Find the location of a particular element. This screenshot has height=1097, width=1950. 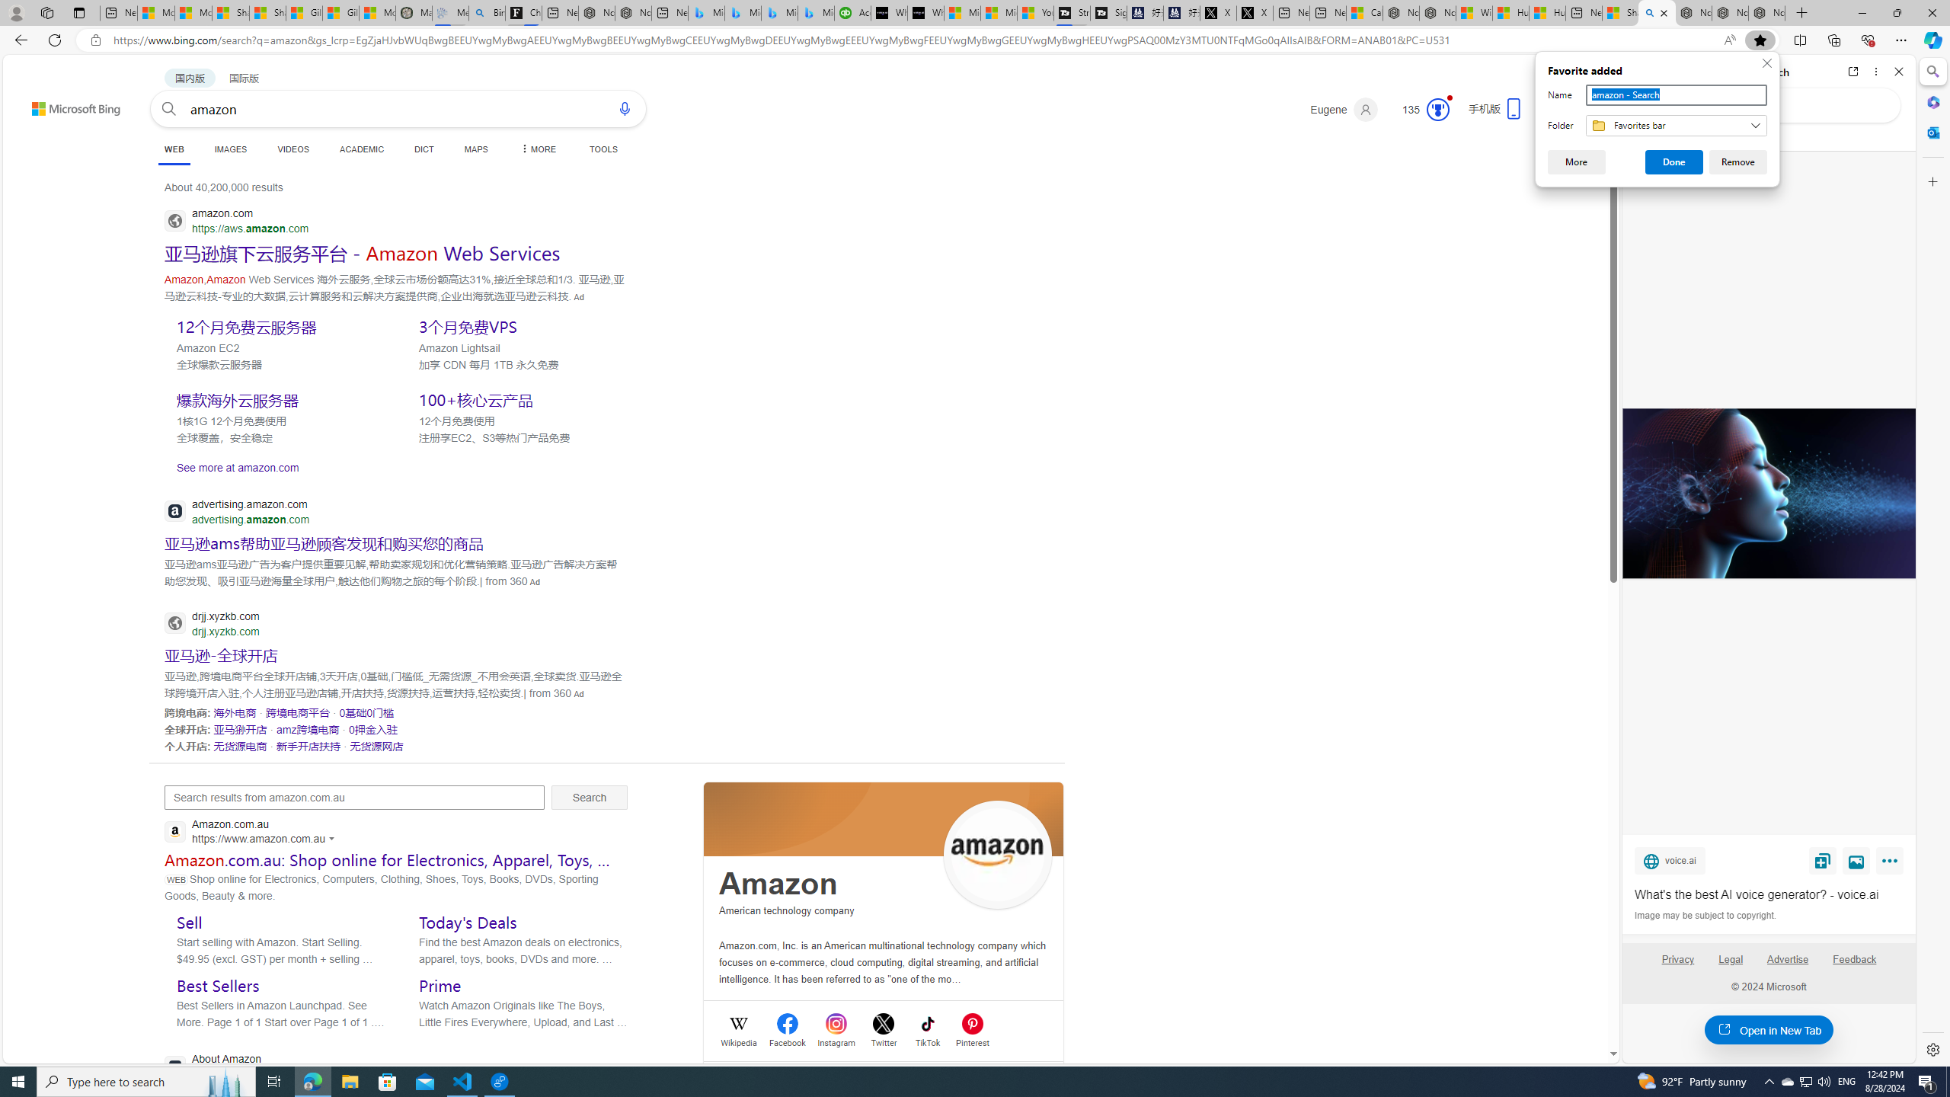

'File Explorer' is located at coordinates (349, 1080).